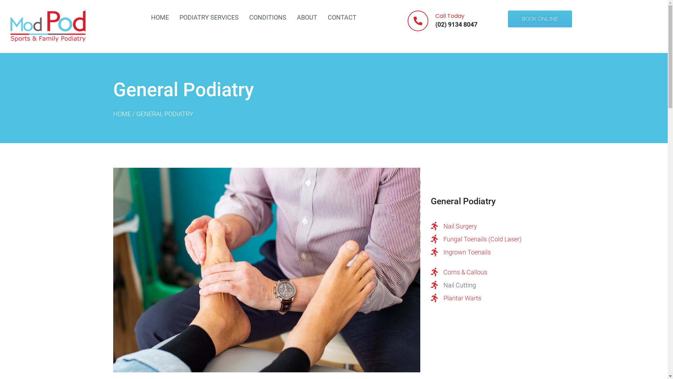  What do you see at coordinates (122, 113) in the screenshot?
I see `'HOME'` at bounding box center [122, 113].